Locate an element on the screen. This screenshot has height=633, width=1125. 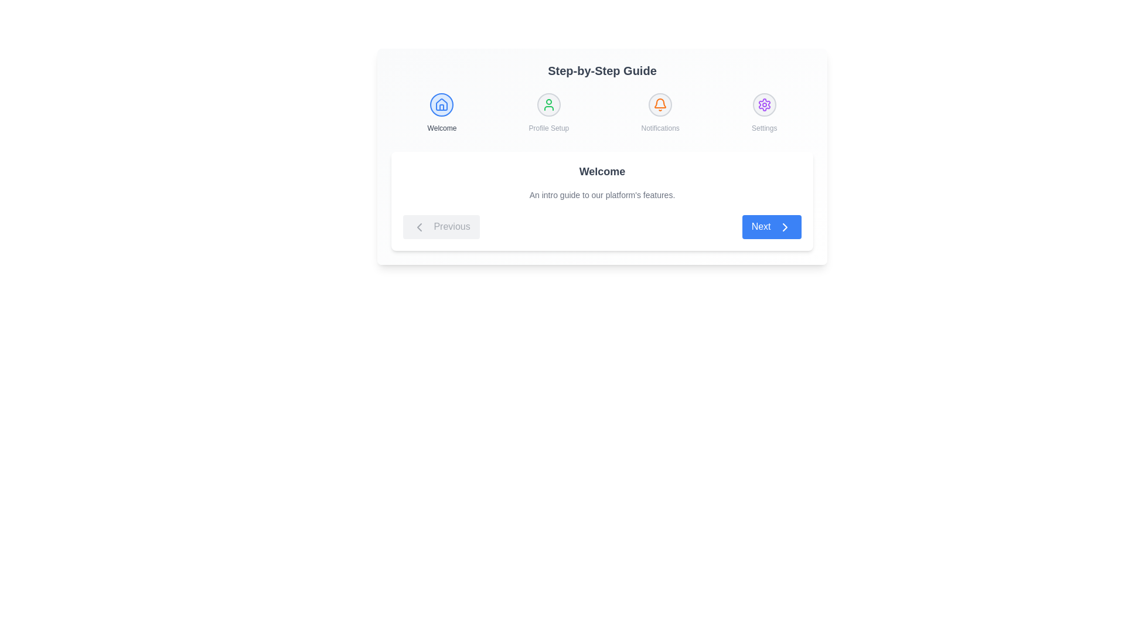
the visual feedback provided by the leftward chevron navigational arrow, which is part of the 'Previous' button in the left navigation area is located at coordinates (419, 226).